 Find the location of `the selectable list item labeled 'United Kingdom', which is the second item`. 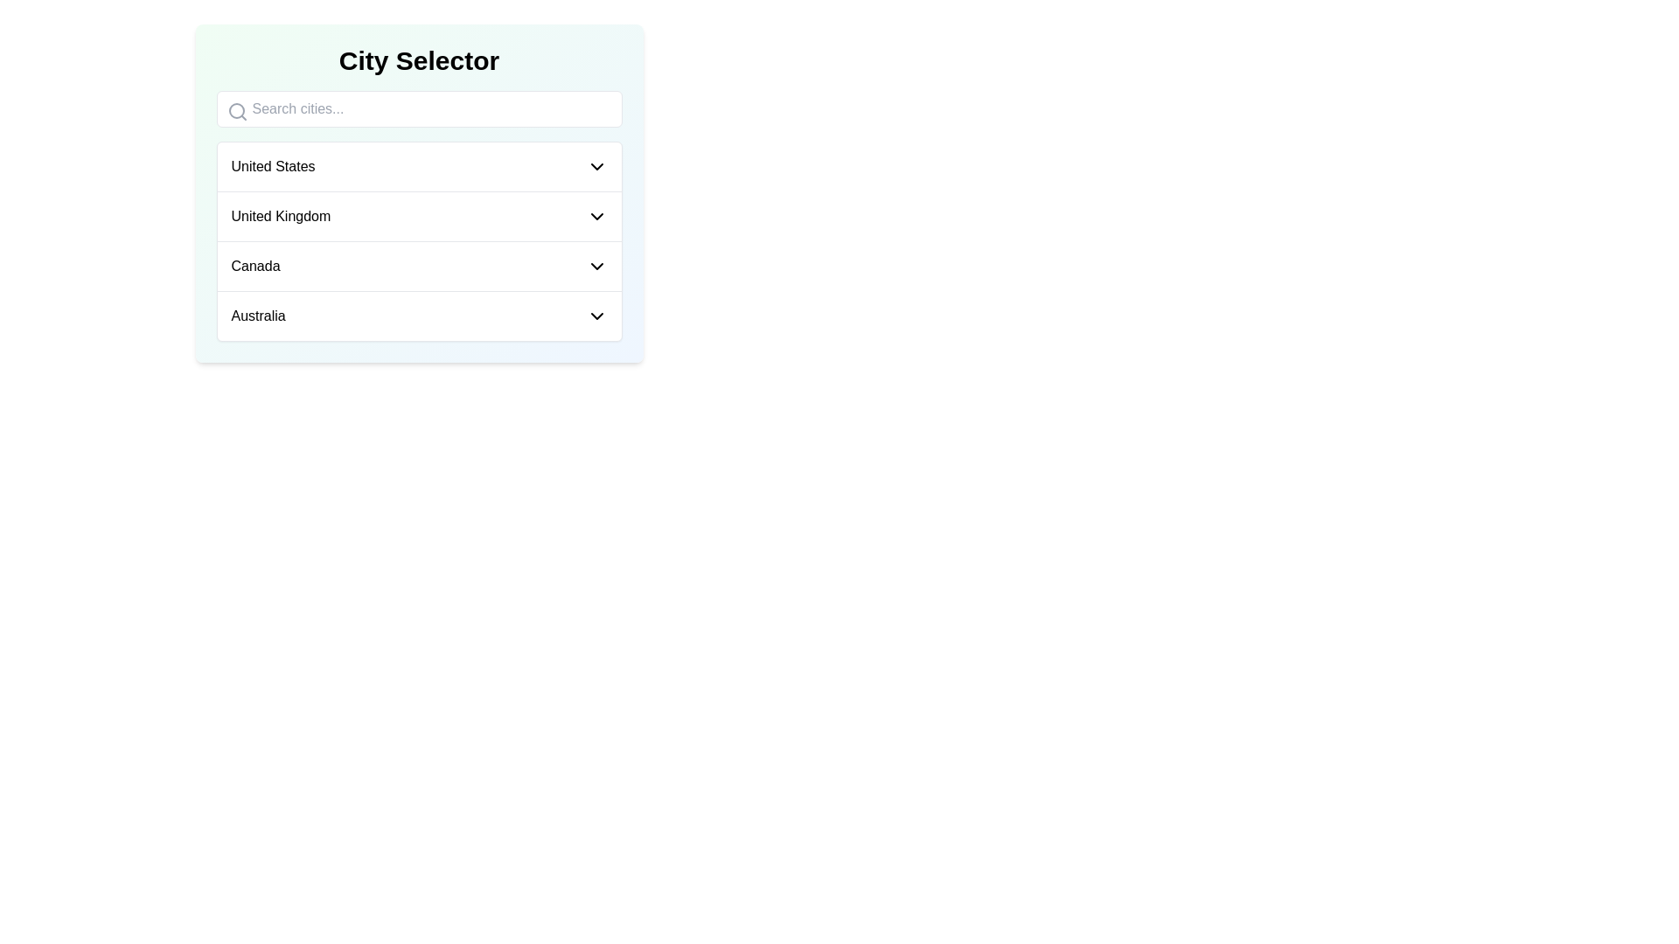

the selectable list item labeled 'United Kingdom', which is the second item is located at coordinates (418, 216).